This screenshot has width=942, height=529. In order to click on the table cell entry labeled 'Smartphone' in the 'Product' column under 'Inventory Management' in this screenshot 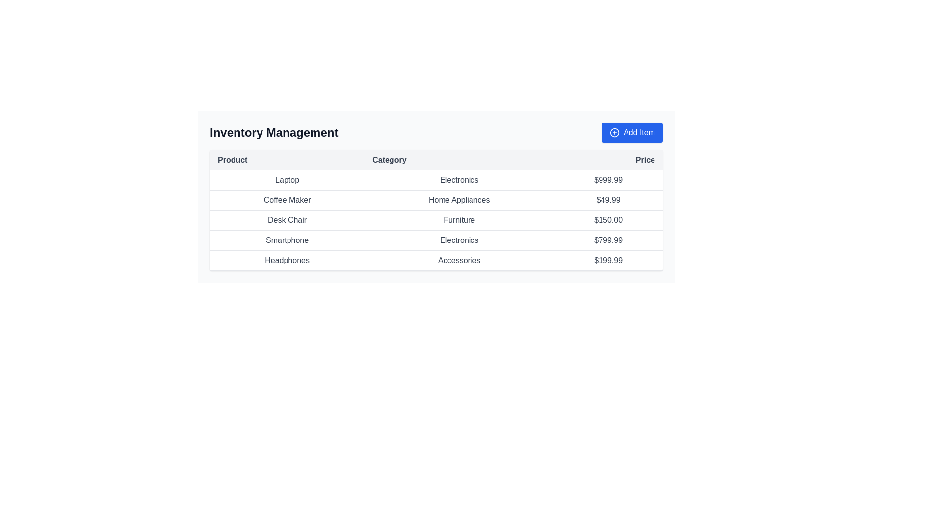, I will do `click(287, 240)`.